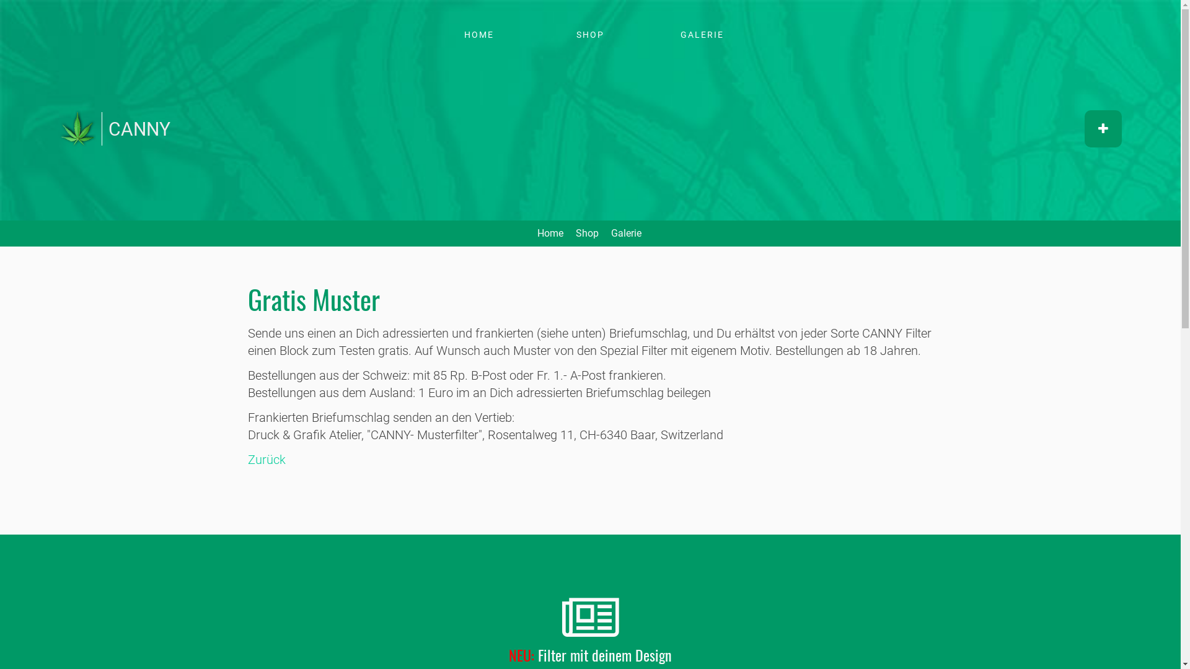 The width and height of the screenshot is (1190, 669). I want to click on 'Home', so click(58, 135).